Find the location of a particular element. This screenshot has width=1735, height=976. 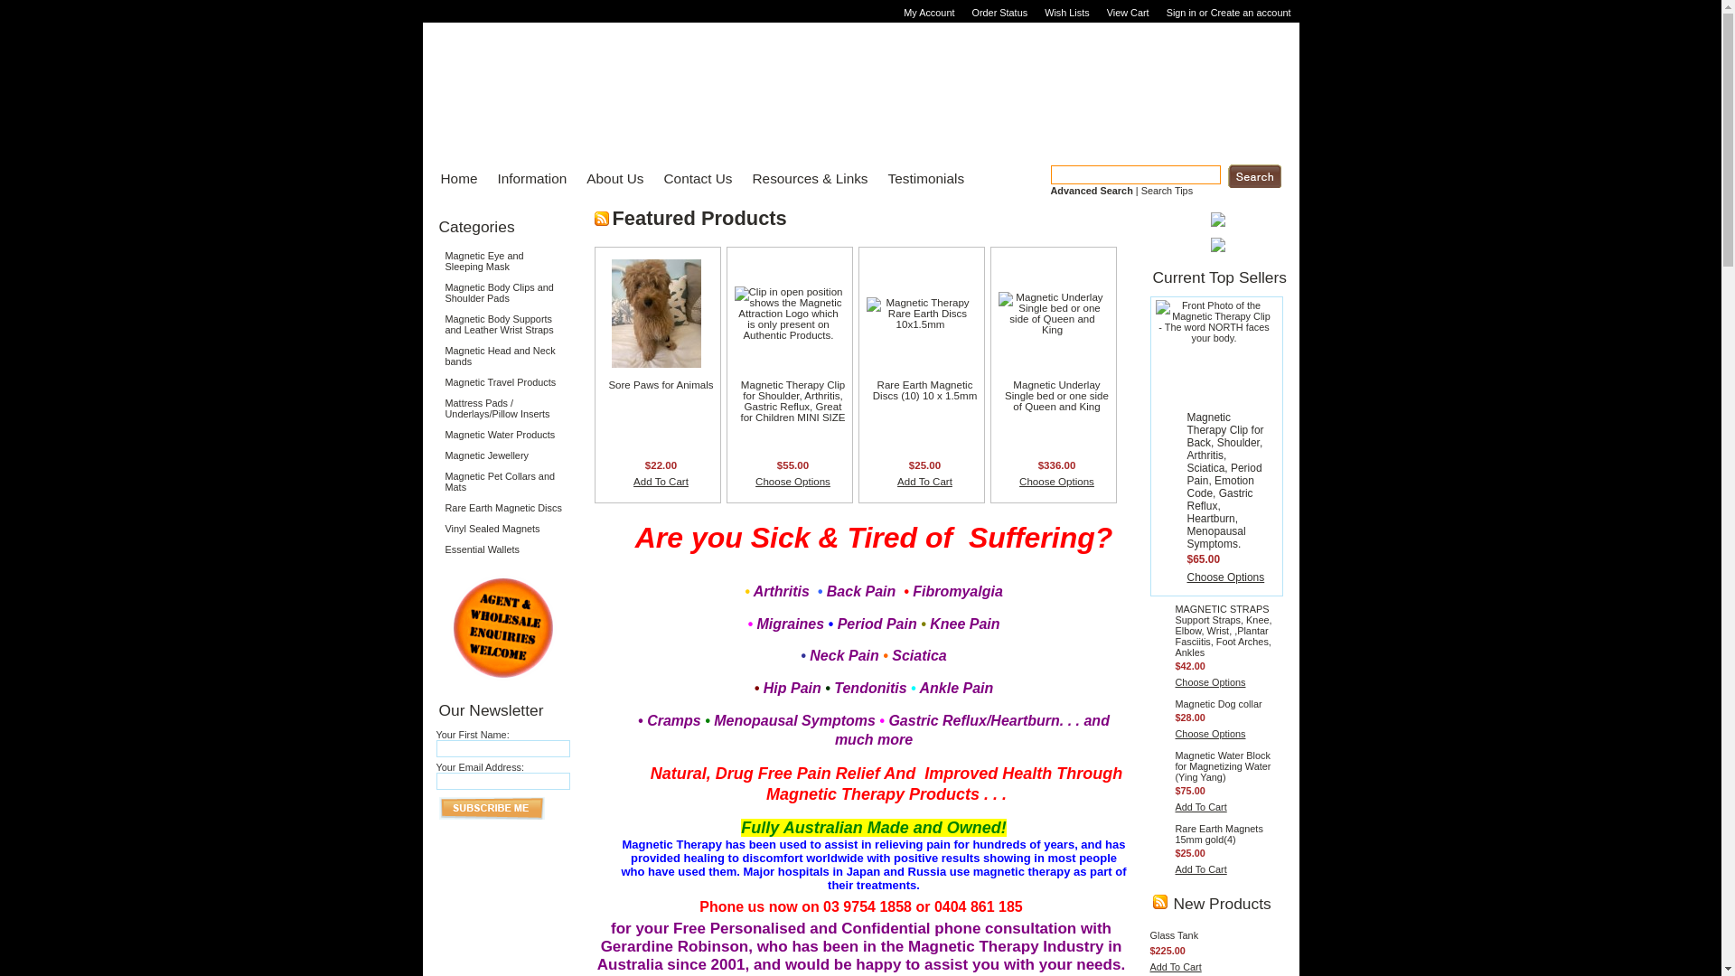

'Magnetic Jewellery' is located at coordinates (502, 455).